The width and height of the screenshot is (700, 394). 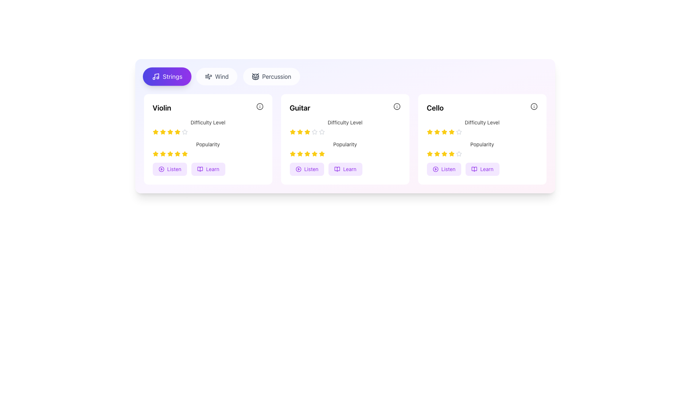 What do you see at coordinates (482, 144) in the screenshot?
I see `the section label indicating the popularity rating of the 'Cello' item, which is located in the third card from the left, below the 'Difficulty Level' label and above the star ratings` at bounding box center [482, 144].